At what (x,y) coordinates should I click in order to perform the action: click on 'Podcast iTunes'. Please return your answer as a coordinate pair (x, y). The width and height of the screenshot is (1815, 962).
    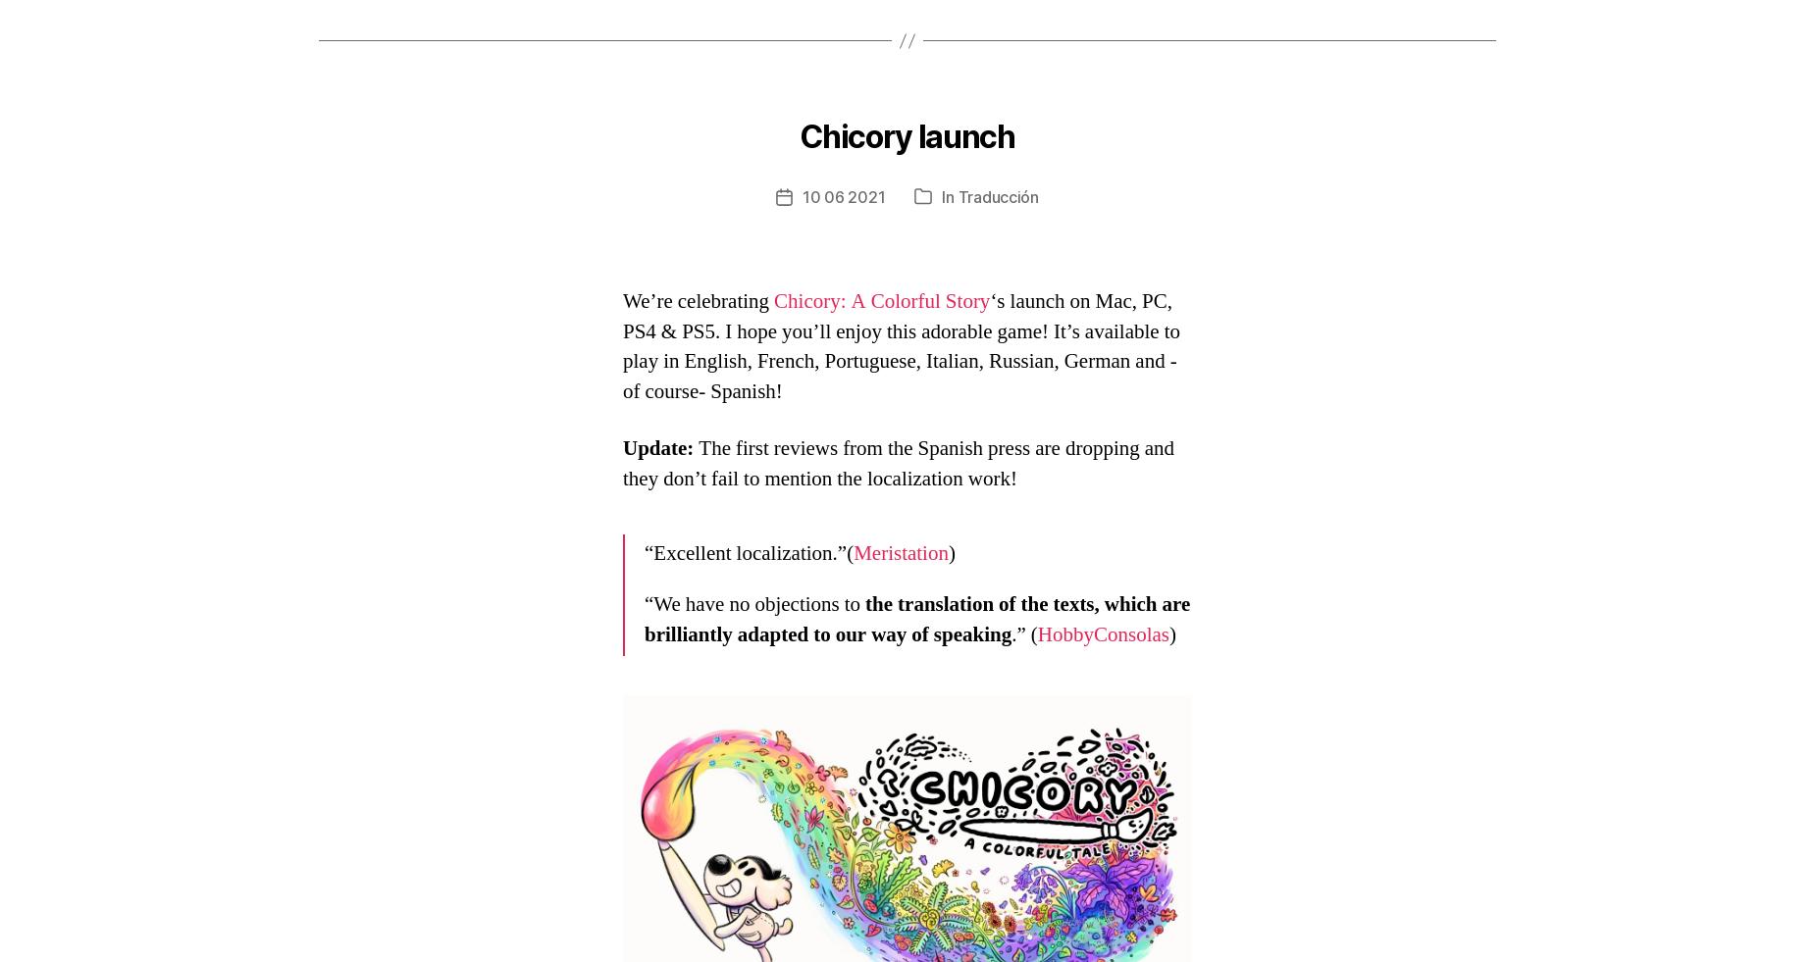
    Looking at the image, I should click on (392, 740).